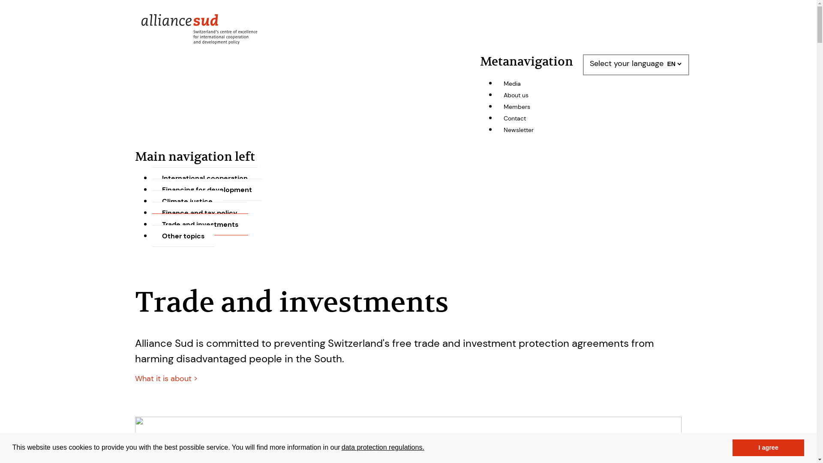  Describe the element at coordinates (183, 236) in the screenshot. I see `'Other topics'` at that location.